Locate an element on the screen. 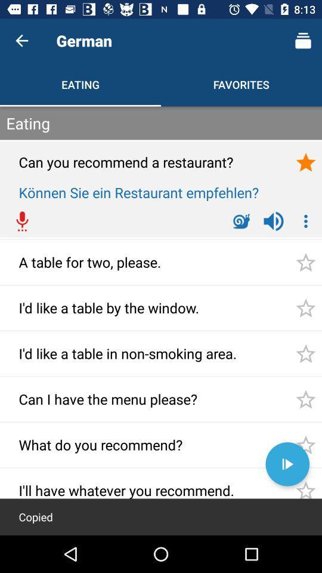  the volume icon which is left to 3 dot vertical icon is located at coordinates (274, 220).